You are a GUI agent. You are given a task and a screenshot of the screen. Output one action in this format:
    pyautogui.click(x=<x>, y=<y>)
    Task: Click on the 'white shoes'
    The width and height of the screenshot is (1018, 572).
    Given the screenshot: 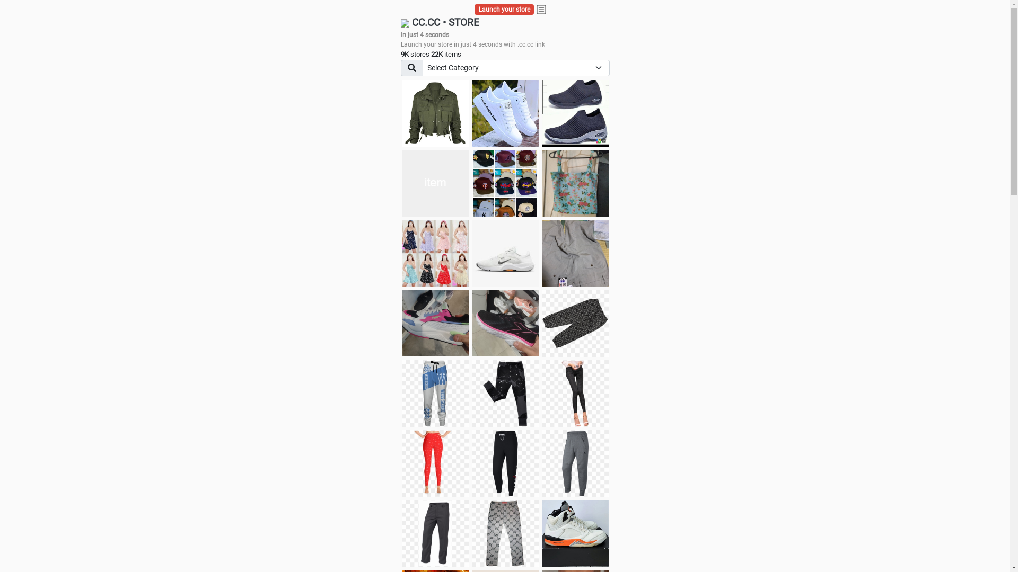 What is the action you would take?
    pyautogui.click(x=471, y=113)
    